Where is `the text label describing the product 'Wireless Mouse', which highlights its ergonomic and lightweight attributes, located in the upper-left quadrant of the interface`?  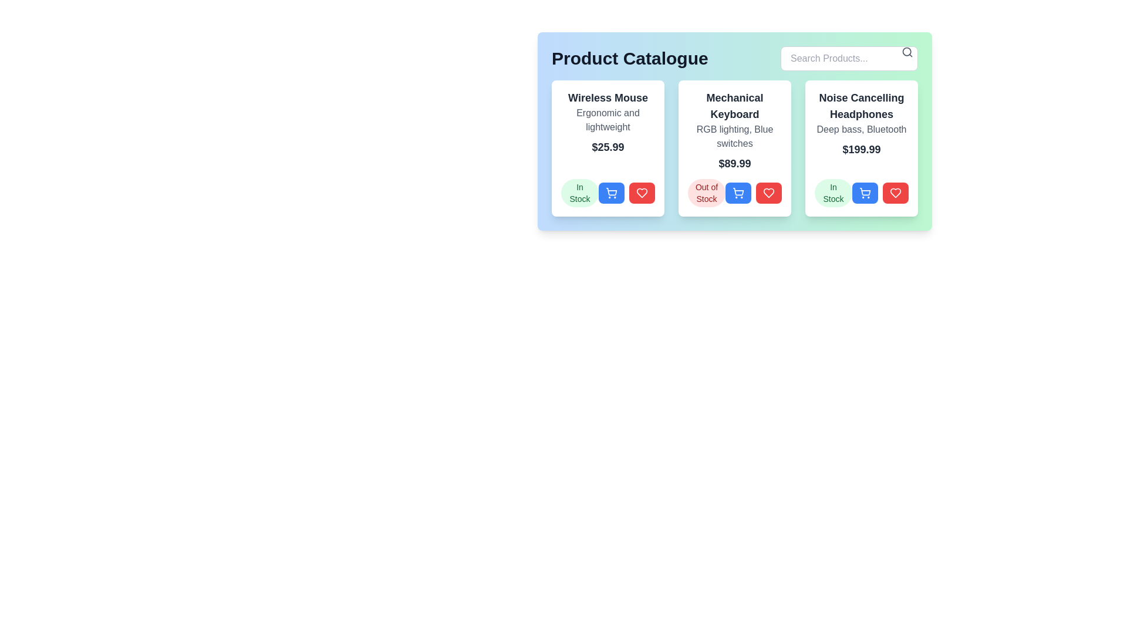
the text label describing the product 'Wireless Mouse', which highlights its ergonomic and lightweight attributes, located in the upper-left quadrant of the interface is located at coordinates (608, 120).